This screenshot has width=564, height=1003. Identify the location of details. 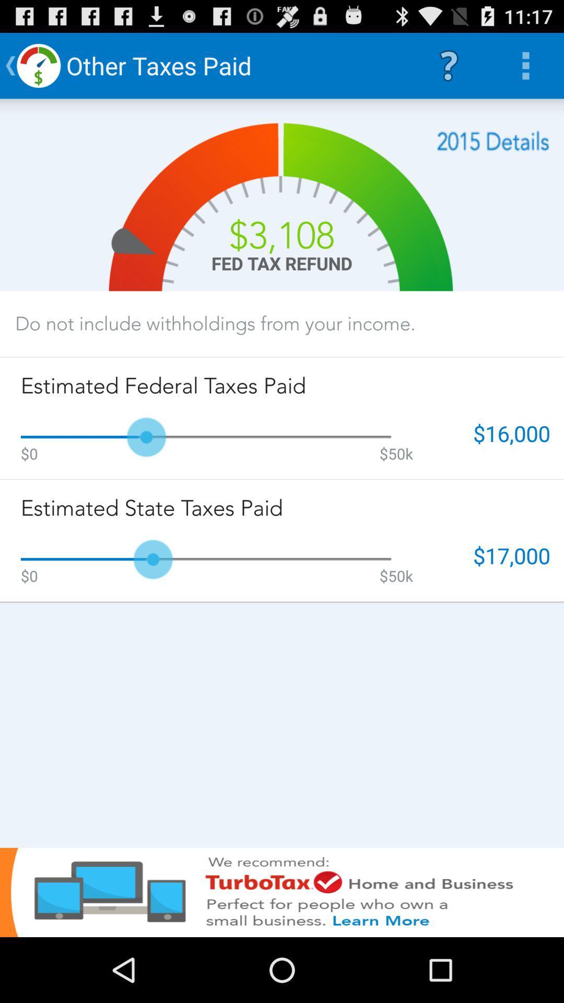
(493, 141).